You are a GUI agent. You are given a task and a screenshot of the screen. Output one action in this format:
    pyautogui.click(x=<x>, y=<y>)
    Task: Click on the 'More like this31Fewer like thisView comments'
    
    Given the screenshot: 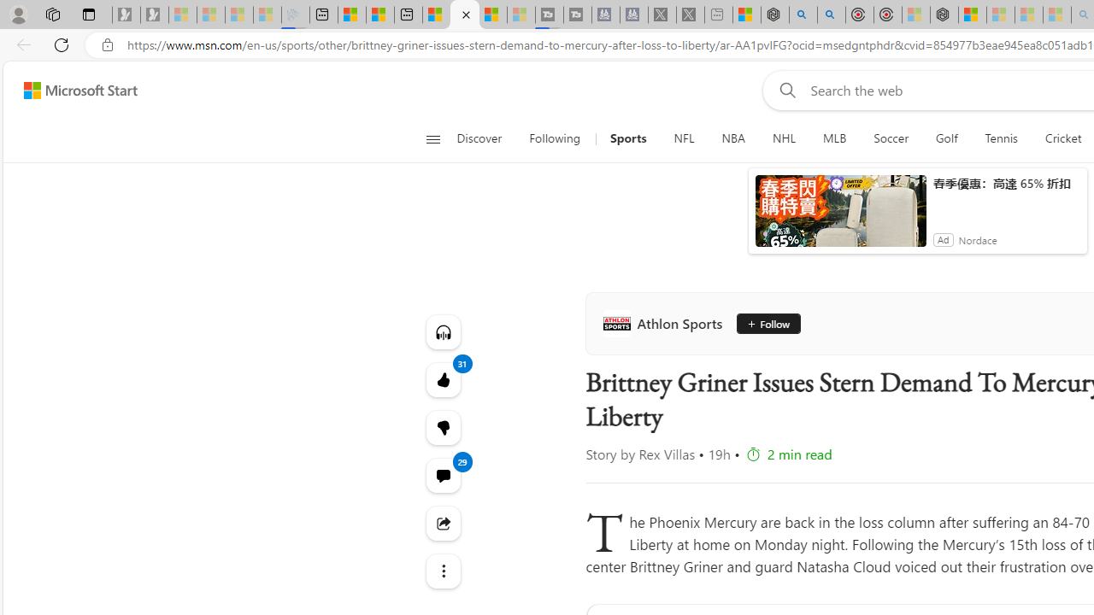 What is the action you would take?
    pyautogui.click(x=443, y=426)
    